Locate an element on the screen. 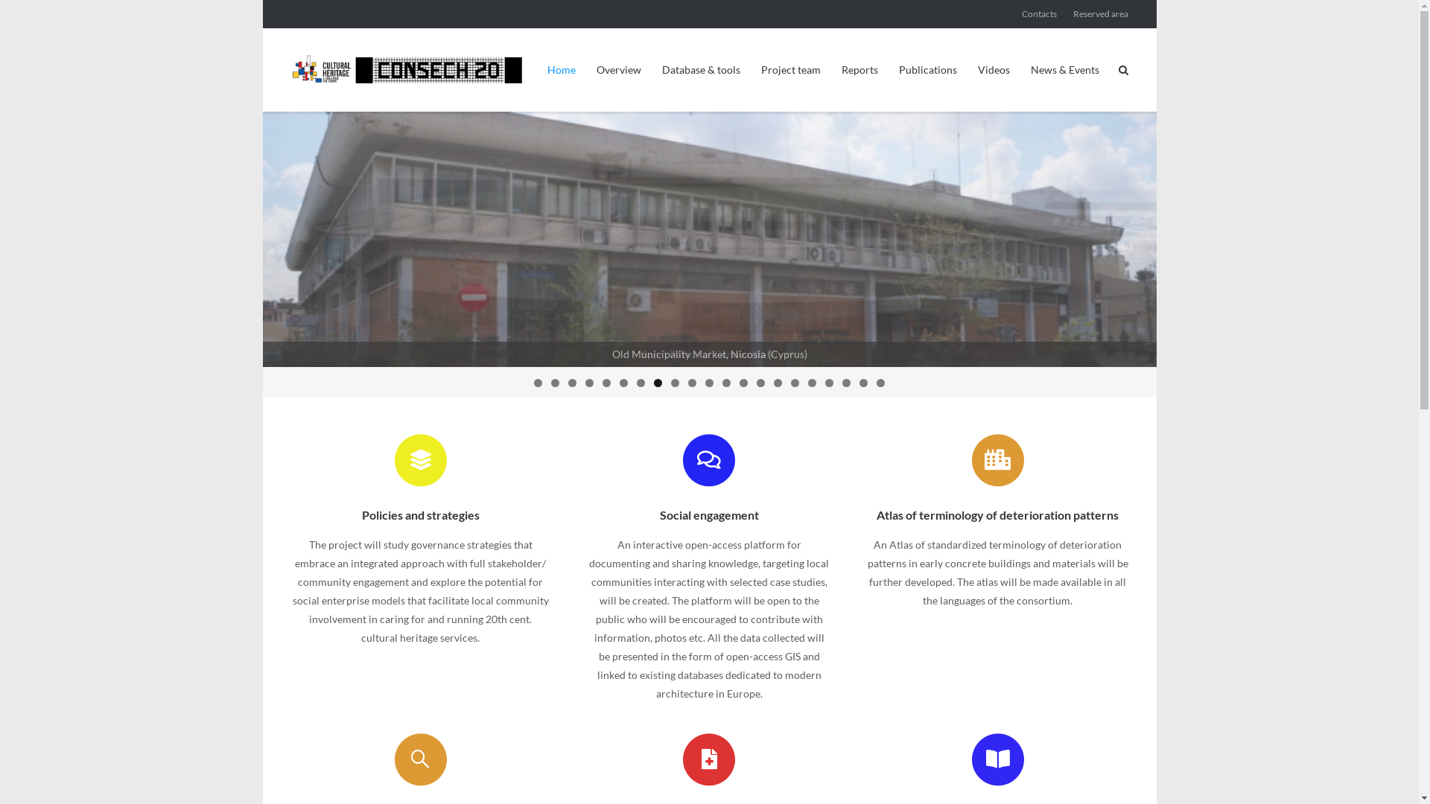  '3' is located at coordinates (568, 382).